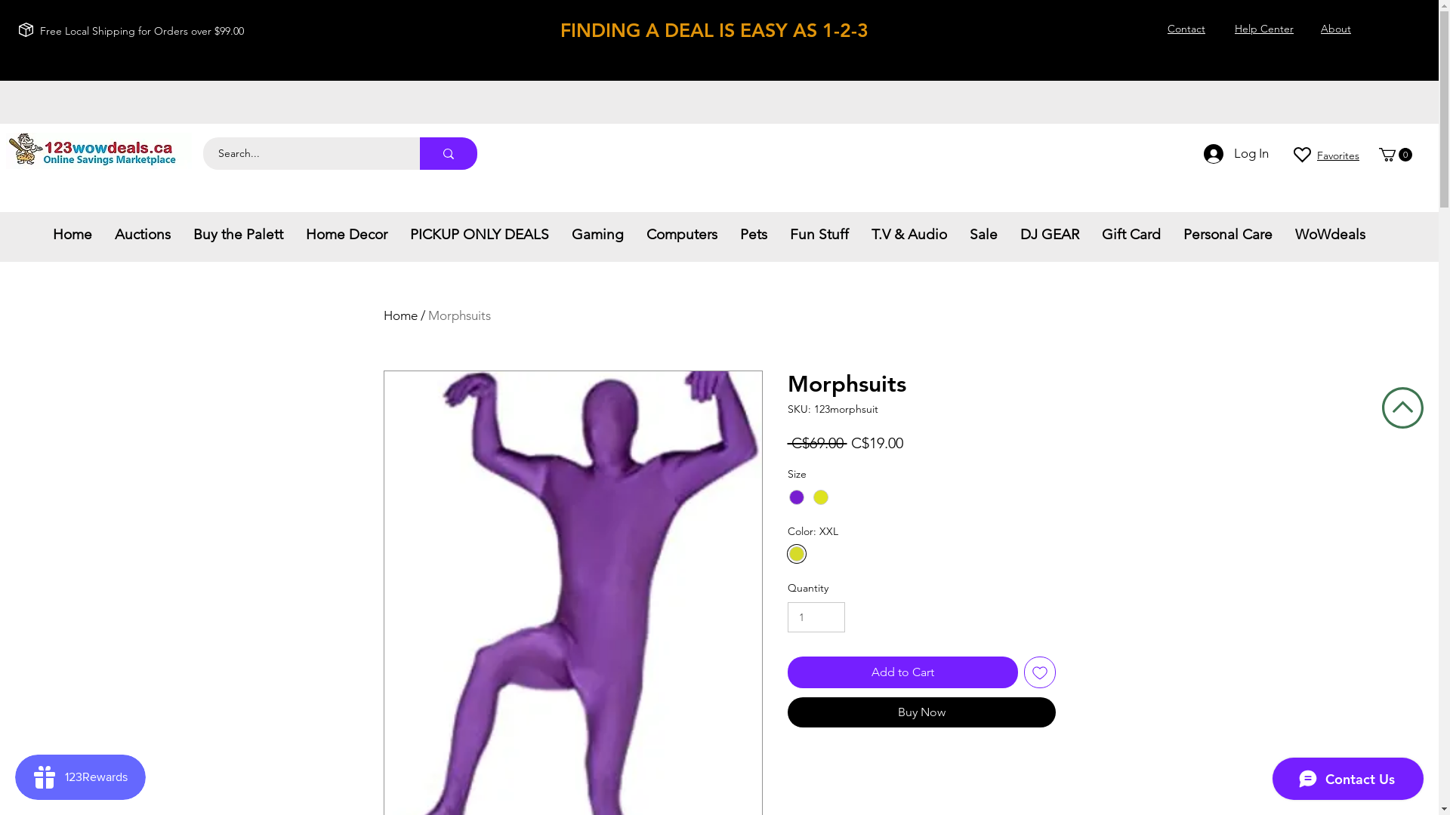 The width and height of the screenshot is (1450, 815). I want to click on 'About', so click(1336, 29).